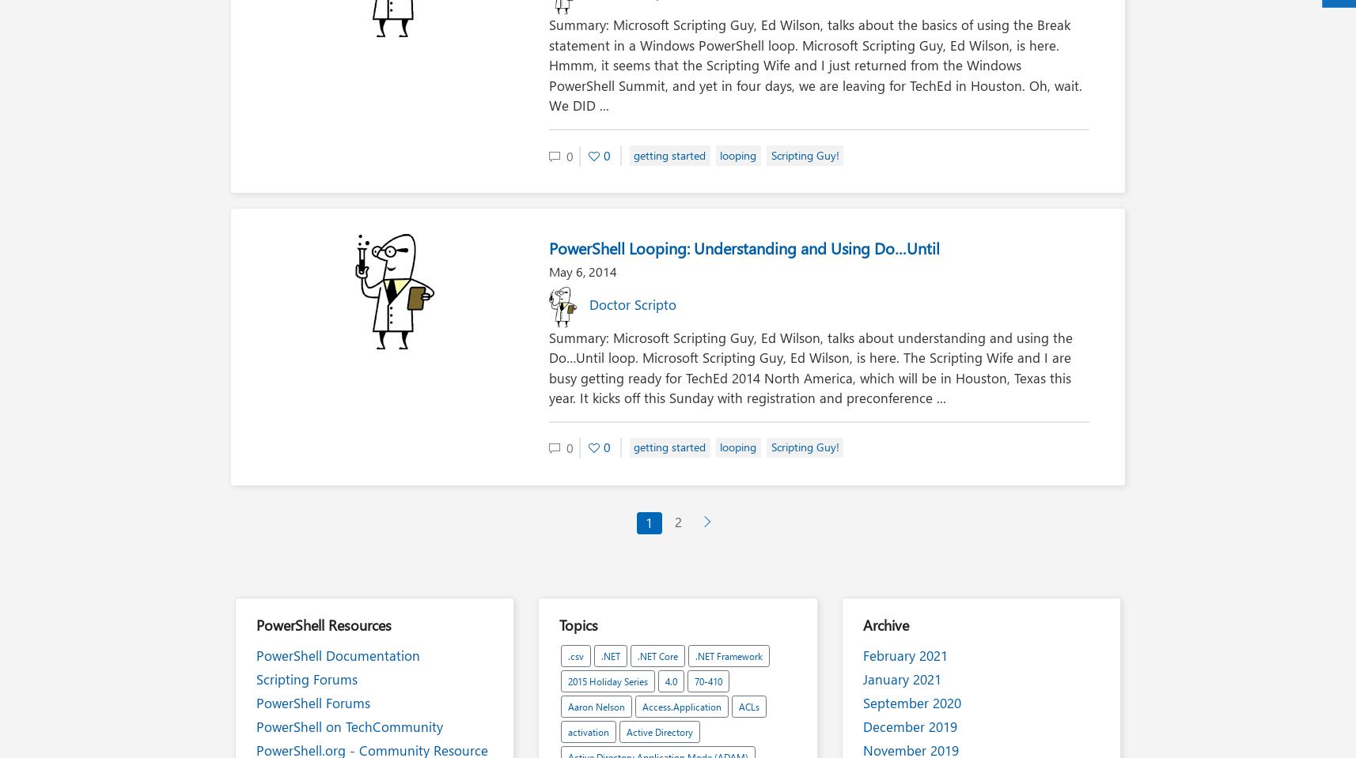 The height and width of the screenshot is (758, 1356). Describe the element at coordinates (581, 270) in the screenshot. I see `'May 6, 2014'` at that location.